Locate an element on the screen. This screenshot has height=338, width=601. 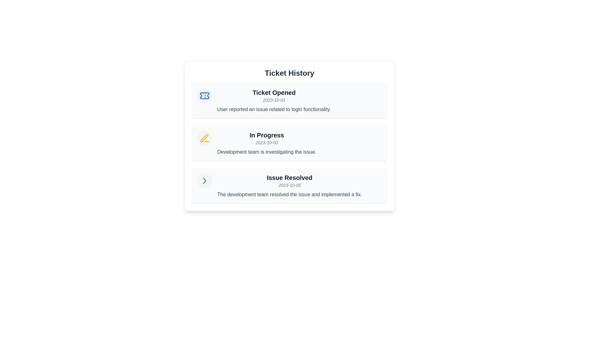
the circular icon with a gray background and a yellow pen symbol located in the upper-left corner of the 'In Progress' section within the Ticket History interface is located at coordinates (204, 138).